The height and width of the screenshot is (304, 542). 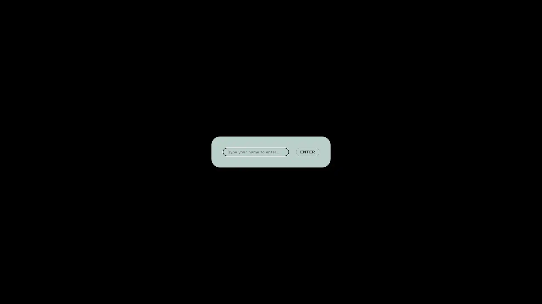 I want to click on Submit username, so click(x=307, y=152).